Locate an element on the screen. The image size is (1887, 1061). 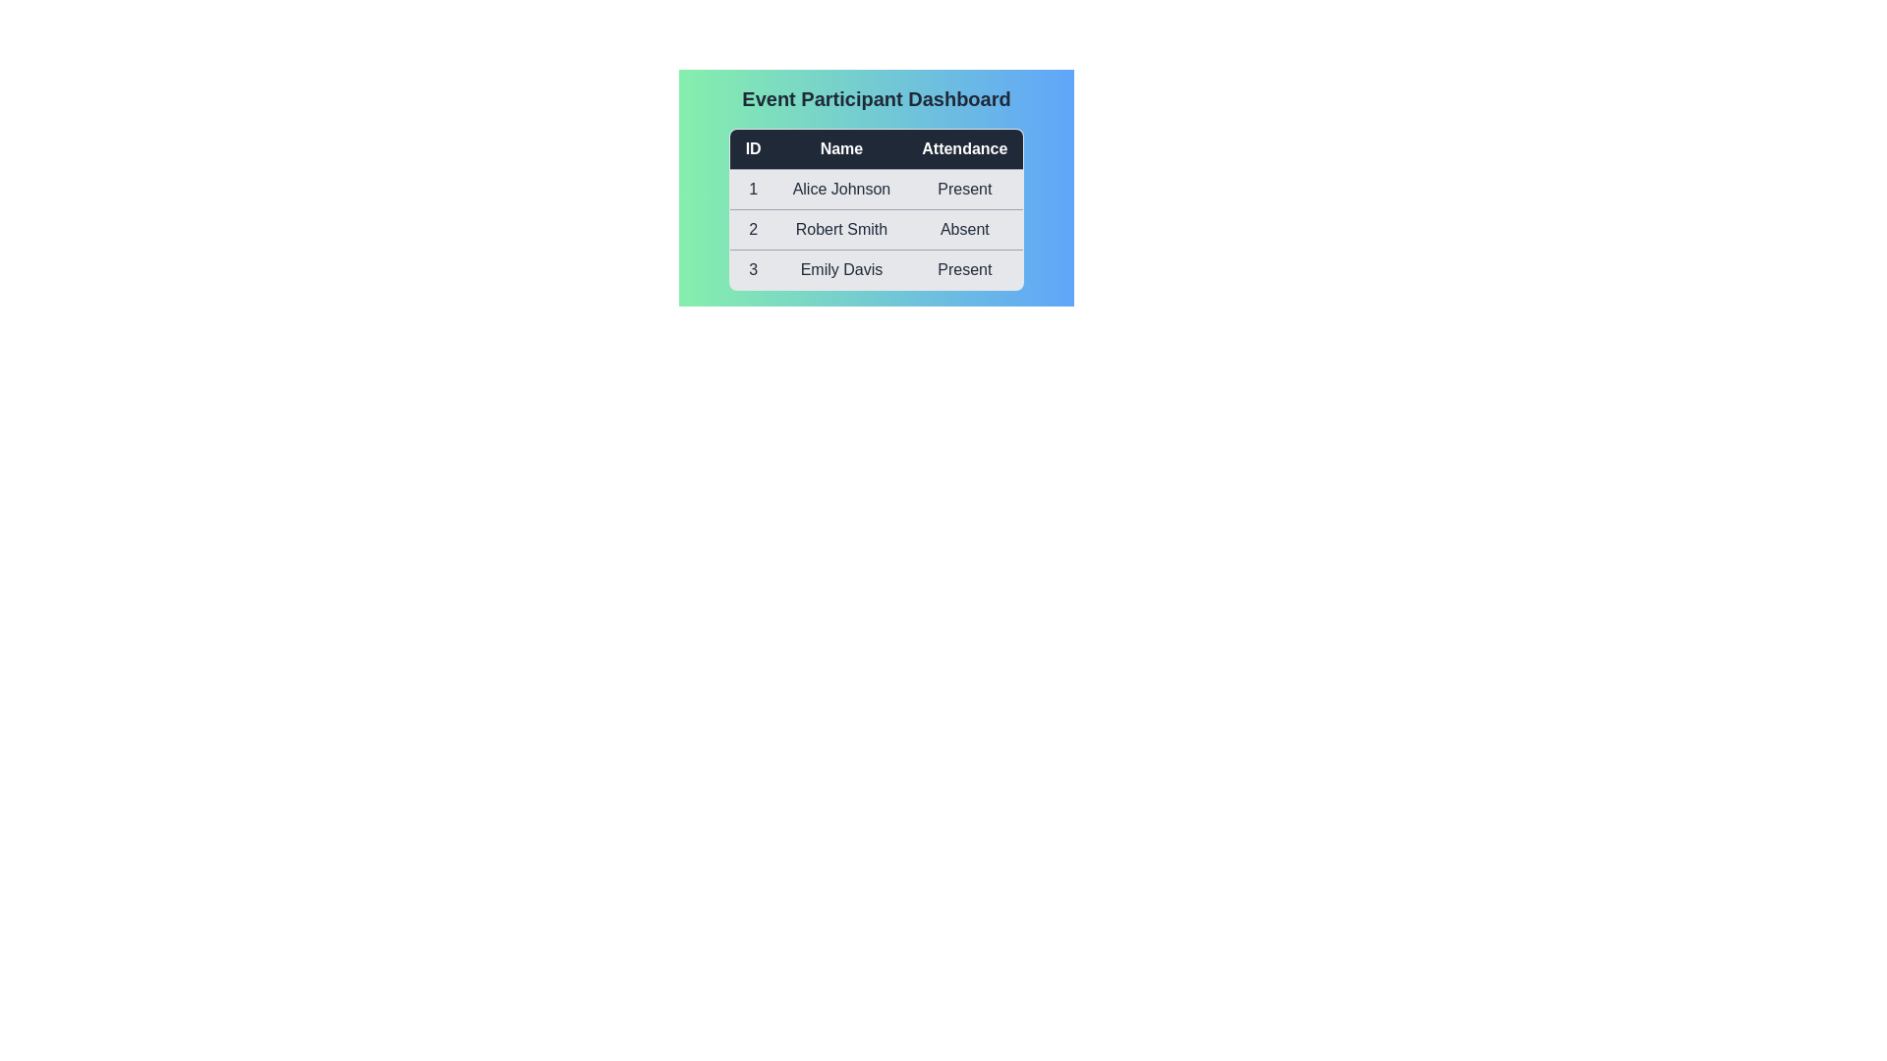
the third row in the data table containing '3', 'Emily Davis', and 'Present' is located at coordinates (876, 269).